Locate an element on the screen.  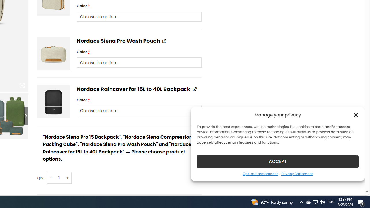
'ACCEPT' is located at coordinates (278, 161).